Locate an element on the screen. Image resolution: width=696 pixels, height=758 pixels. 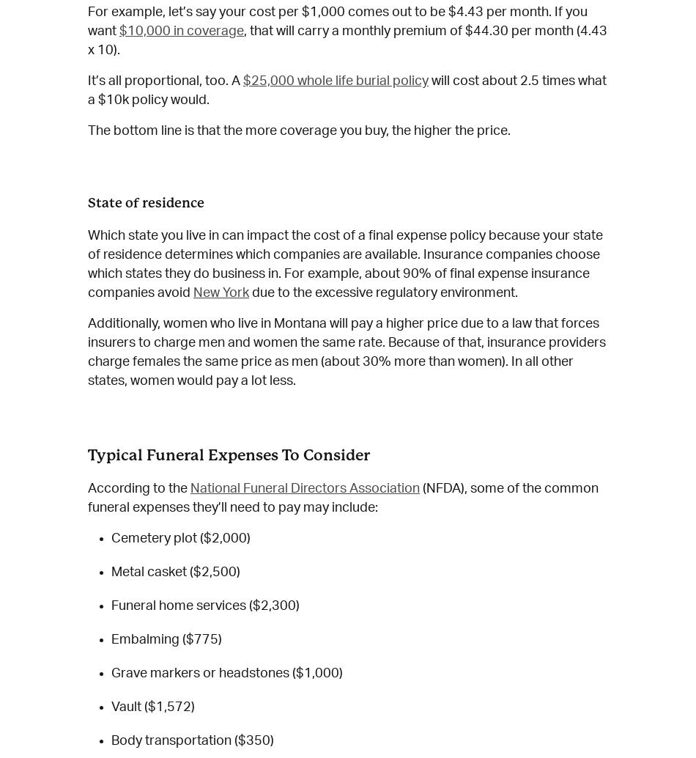
'For example, let’s say your cost per $1,000 comes out to be $4.43 per month. If you want' is located at coordinates (337, 21).